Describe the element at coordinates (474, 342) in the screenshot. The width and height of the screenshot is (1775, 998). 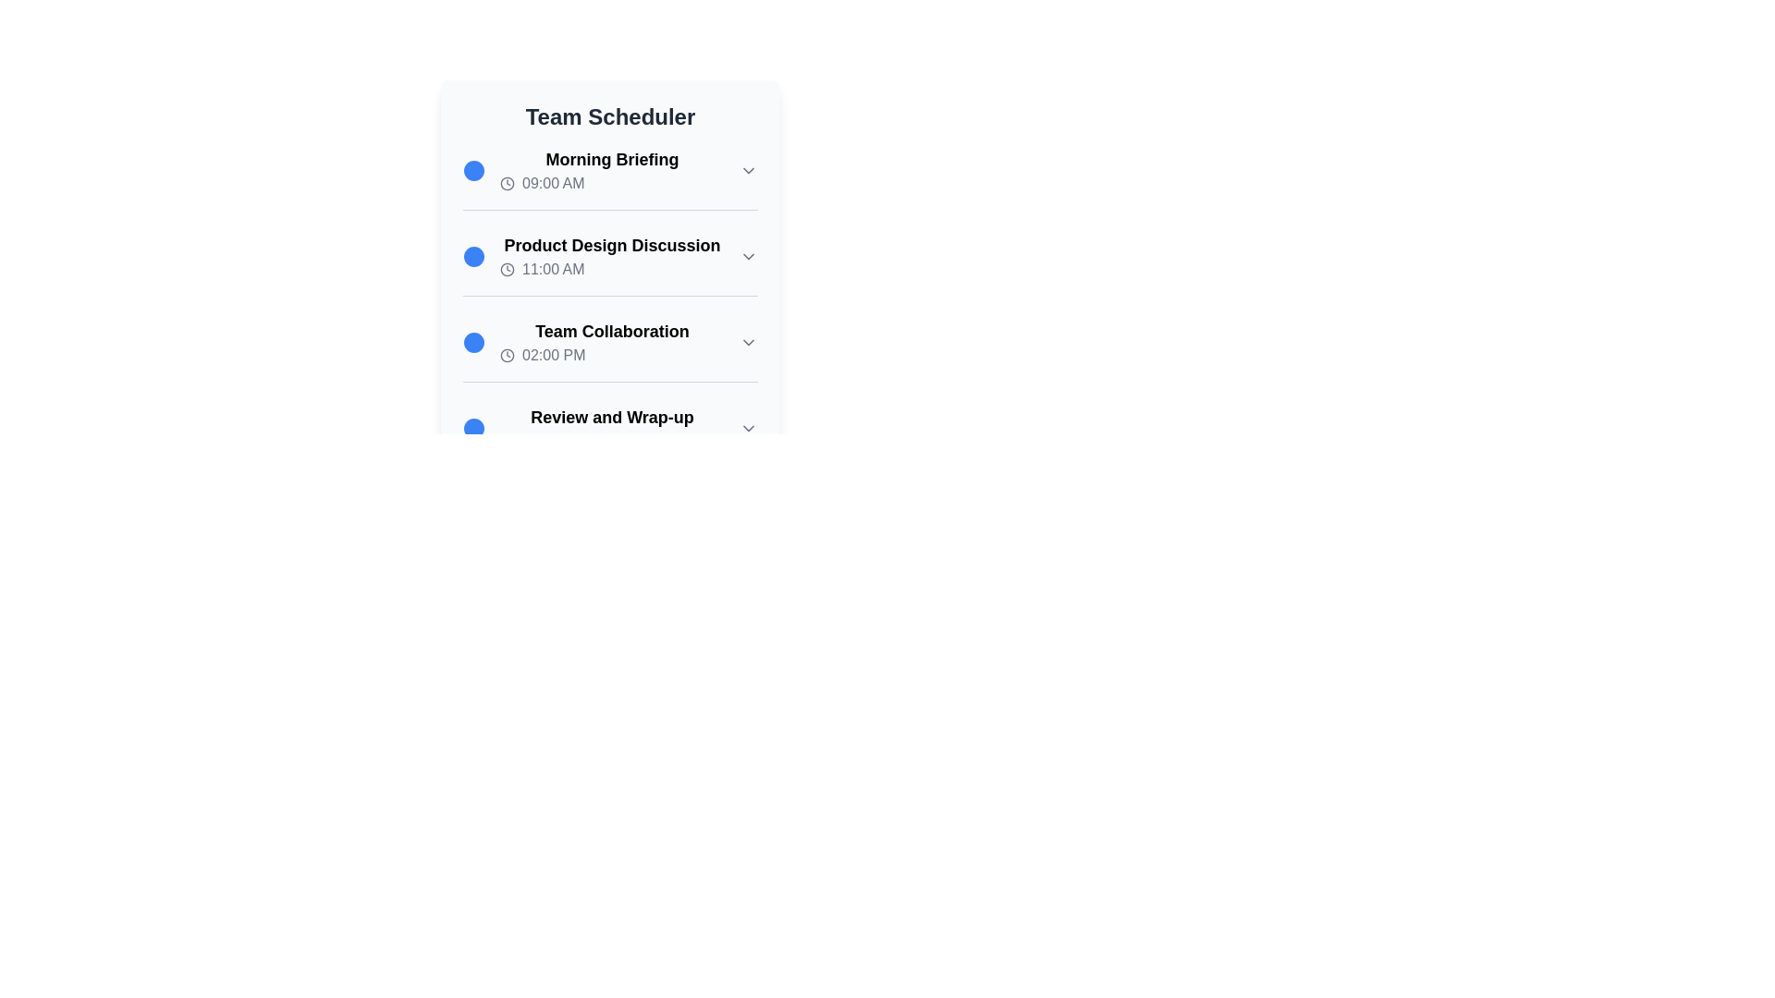
I see `the icon located to the far left of the third item in the 'Team Scheduler' list, which is associated with 'Team Collaboration' and shows the time '02:00 PM'` at that location.